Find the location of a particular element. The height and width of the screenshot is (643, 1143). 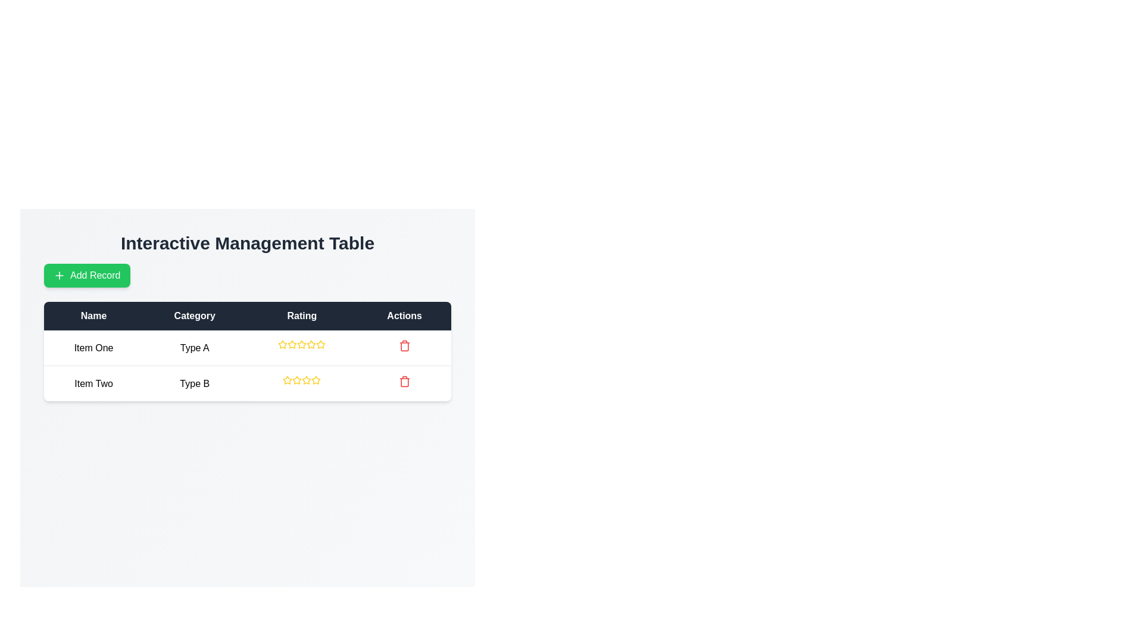

the yellow star icon with a hollow center in the 'Rating' column of the 'Interactive Management Table' adjacent to 'Item One' is located at coordinates (292, 344).